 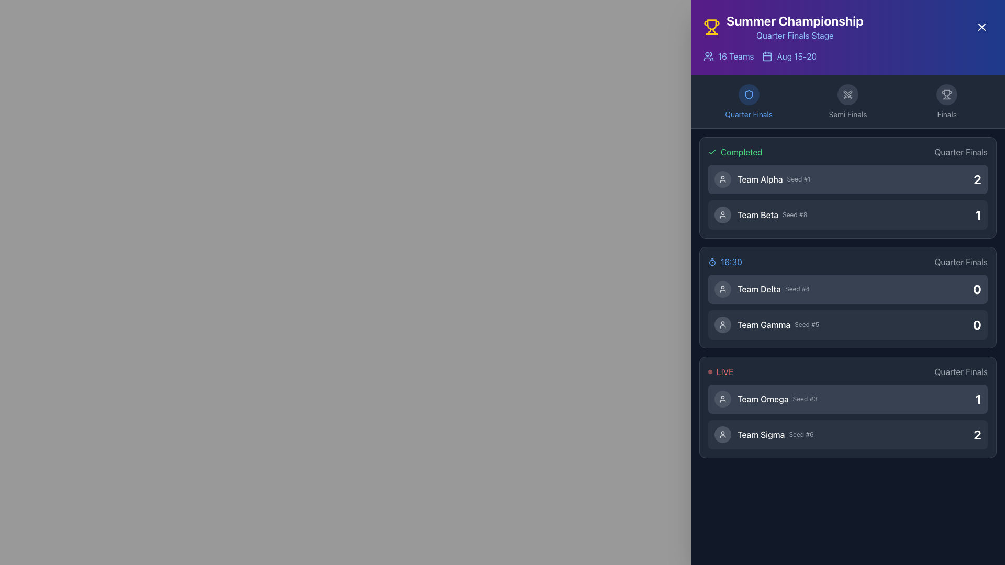 What do you see at coordinates (977, 179) in the screenshot?
I see `the bold white number '2', which is styled in a large font size and positioned at the far right end of the grey rounded rectangle labeled 'Team AlphaSeed #12'` at bounding box center [977, 179].